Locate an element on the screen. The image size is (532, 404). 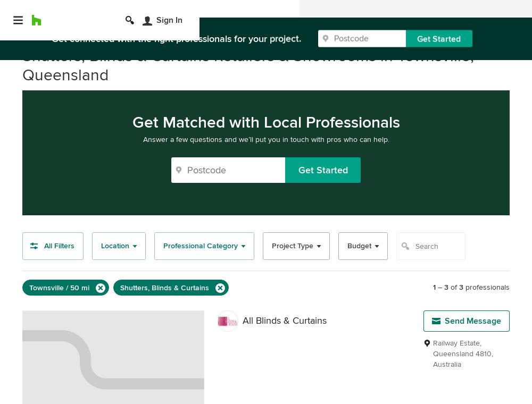
'of' is located at coordinates (453, 287).